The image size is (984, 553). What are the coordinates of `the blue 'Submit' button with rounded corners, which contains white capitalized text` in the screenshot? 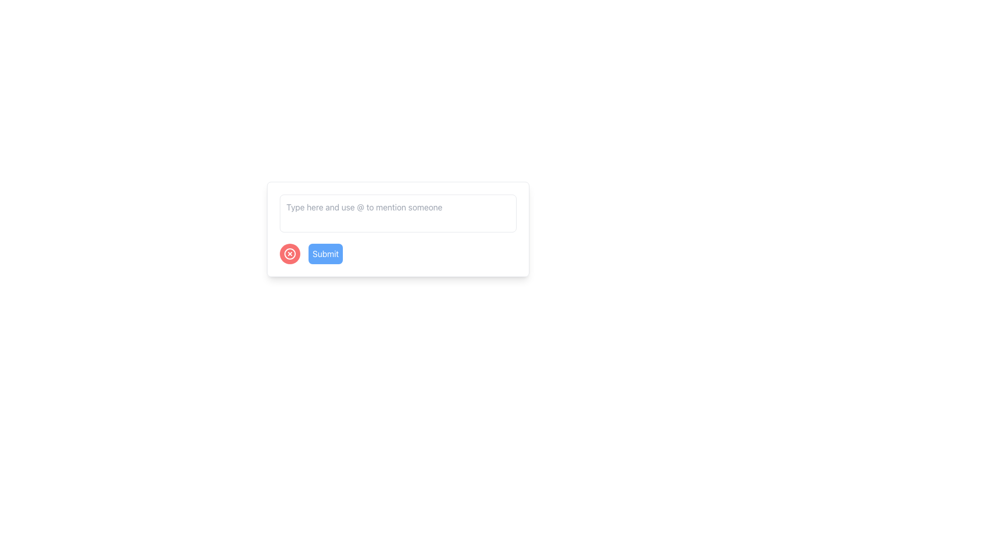 It's located at (325, 253).